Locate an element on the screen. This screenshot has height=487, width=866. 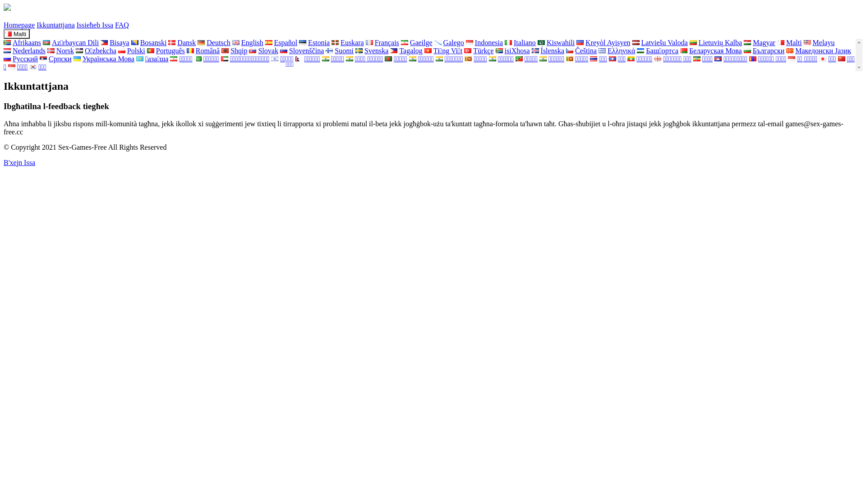
'Afrikaans' is located at coordinates (22, 42).